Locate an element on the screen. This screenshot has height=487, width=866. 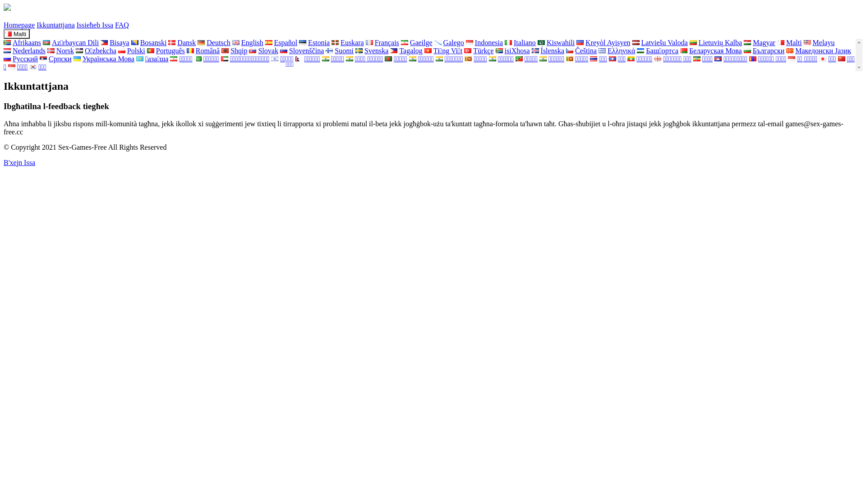
'Afrikaans' is located at coordinates (22, 42).